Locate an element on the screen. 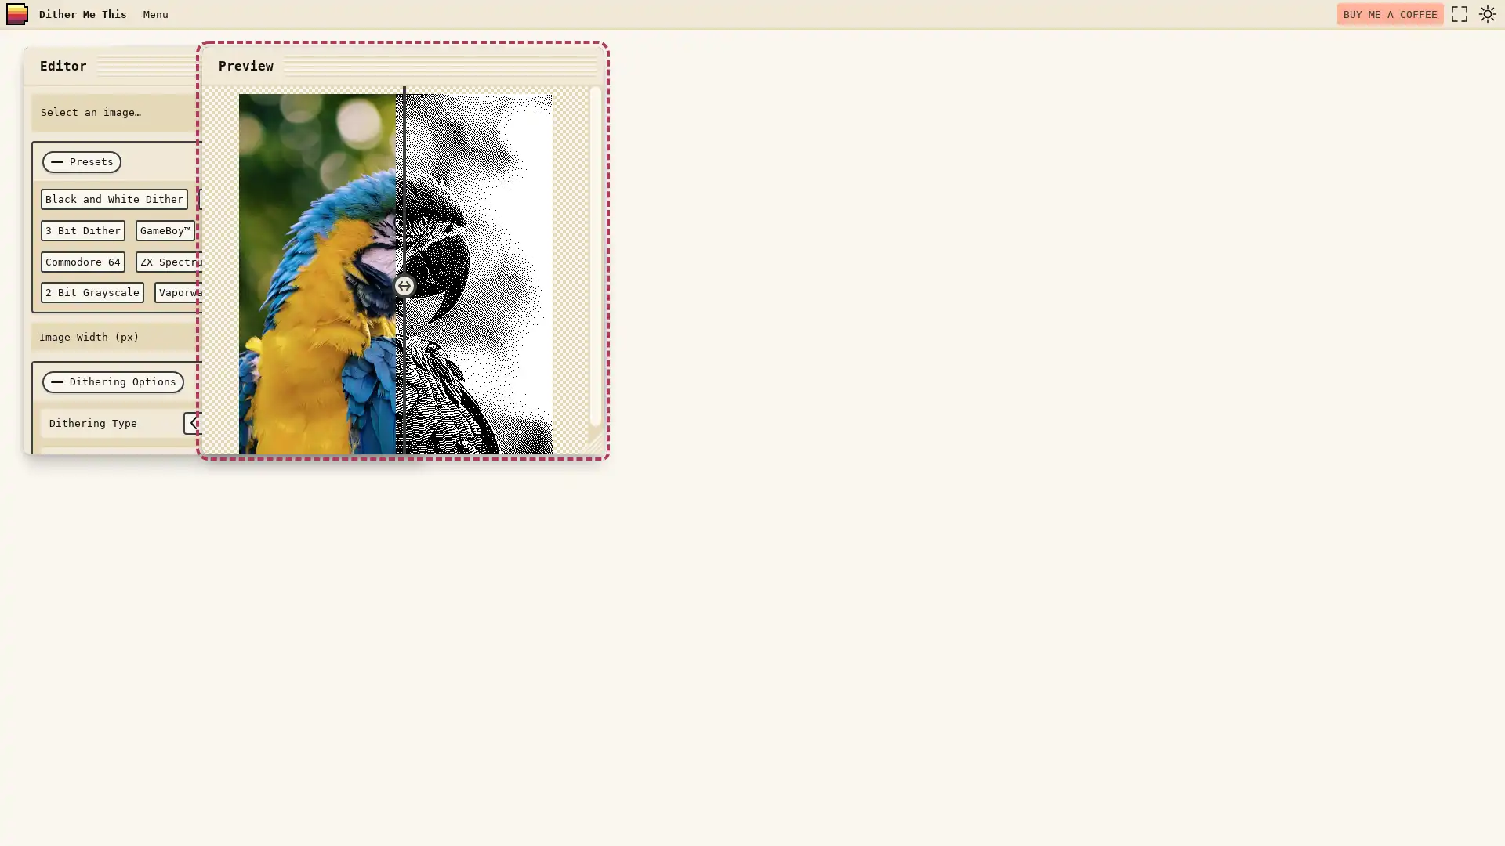 Image resolution: width=1505 pixels, height=846 pixels. dark mode toggle is located at coordinates (1486, 14).